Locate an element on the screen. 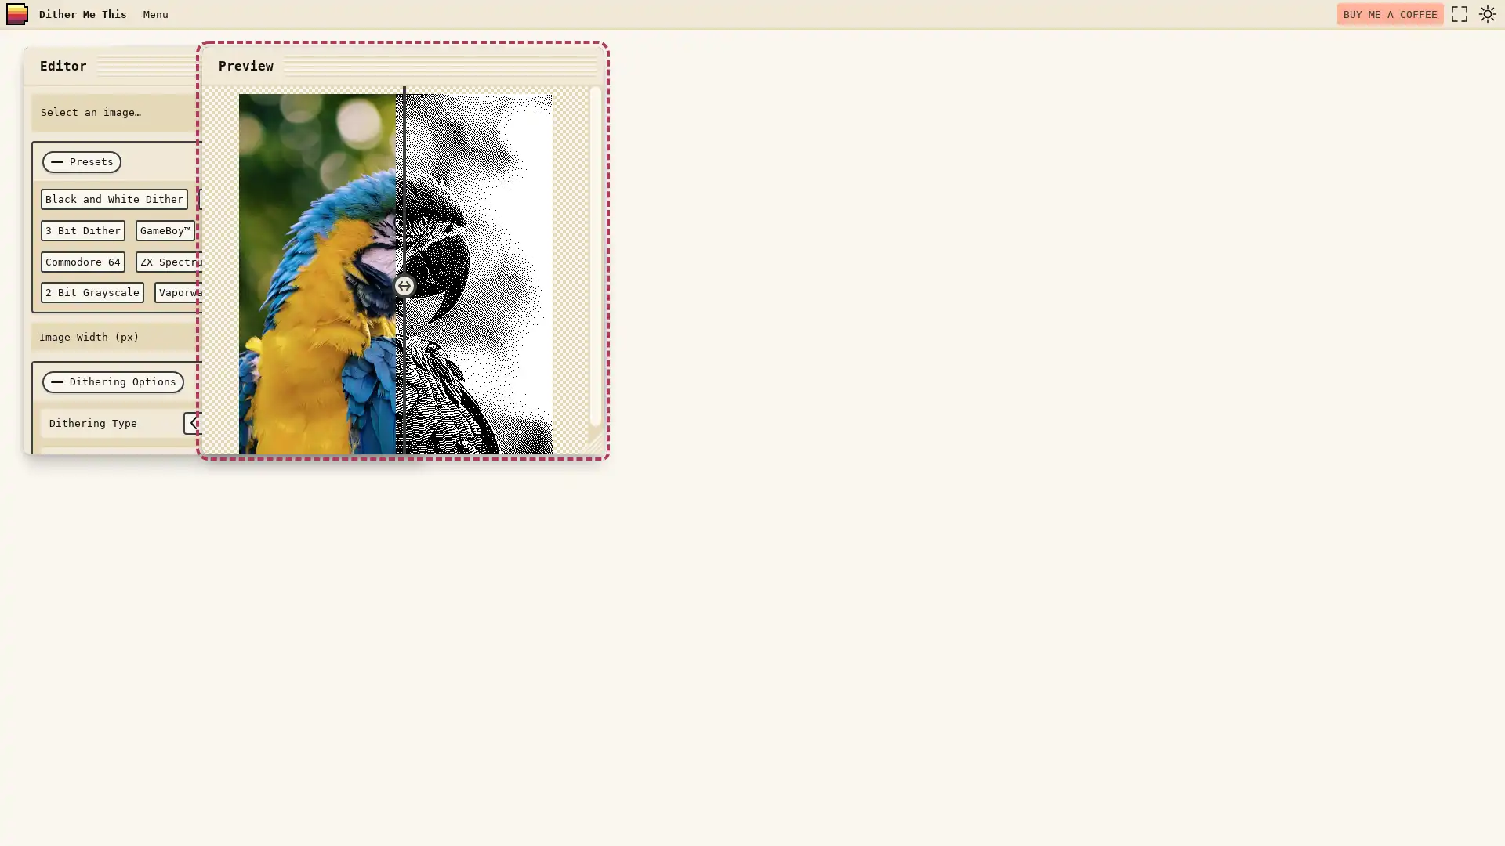 Image resolution: width=1505 pixels, height=846 pixels. dark mode toggle is located at coordinates (1486, 14).